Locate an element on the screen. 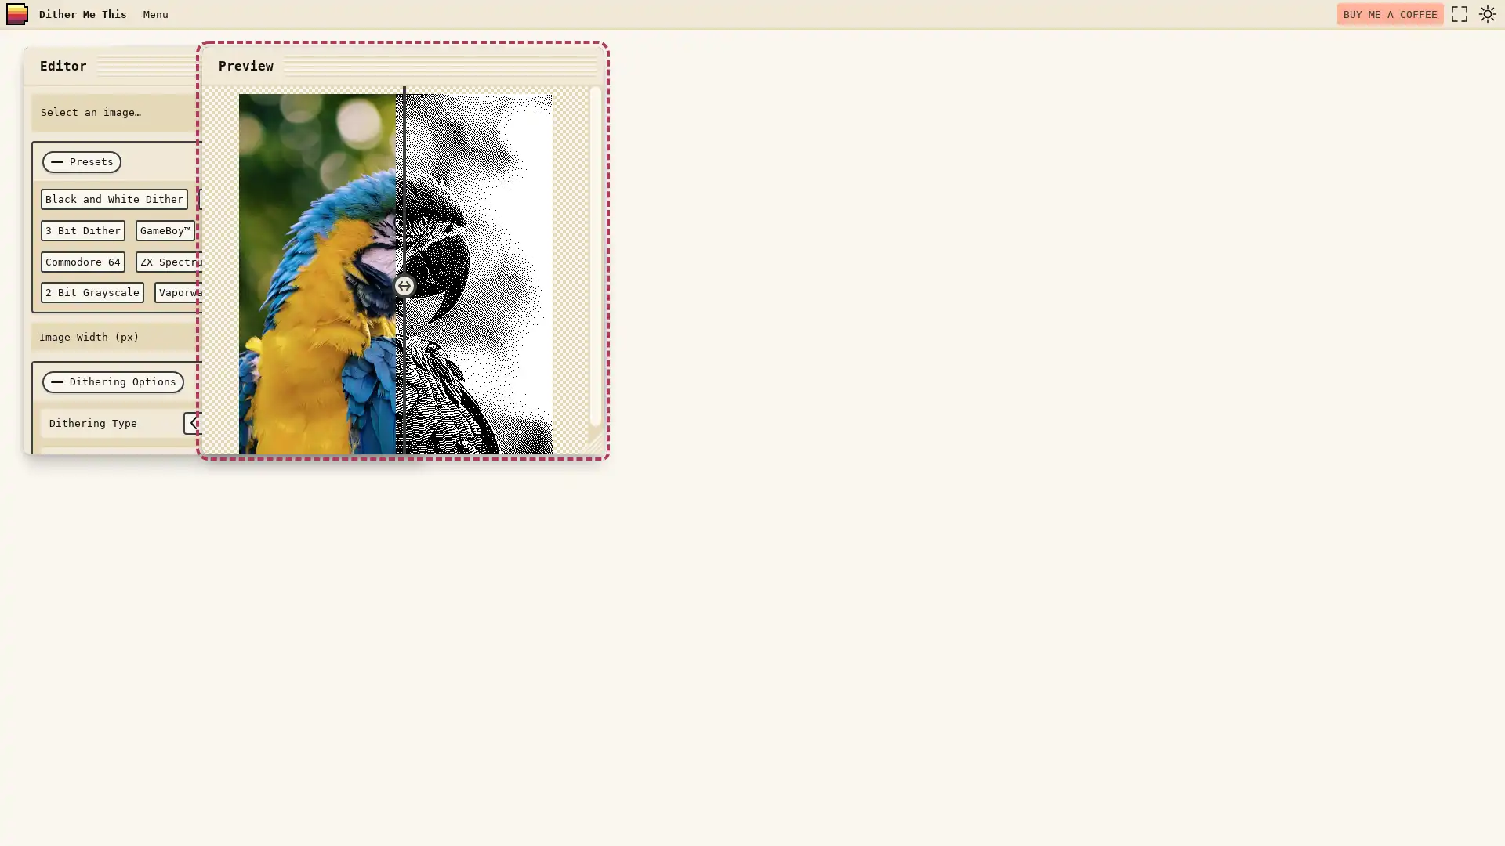 Image resolution: width=1505 pixels, height=846 pixels. dark mode toggle is located at coordinates (1486, 14).